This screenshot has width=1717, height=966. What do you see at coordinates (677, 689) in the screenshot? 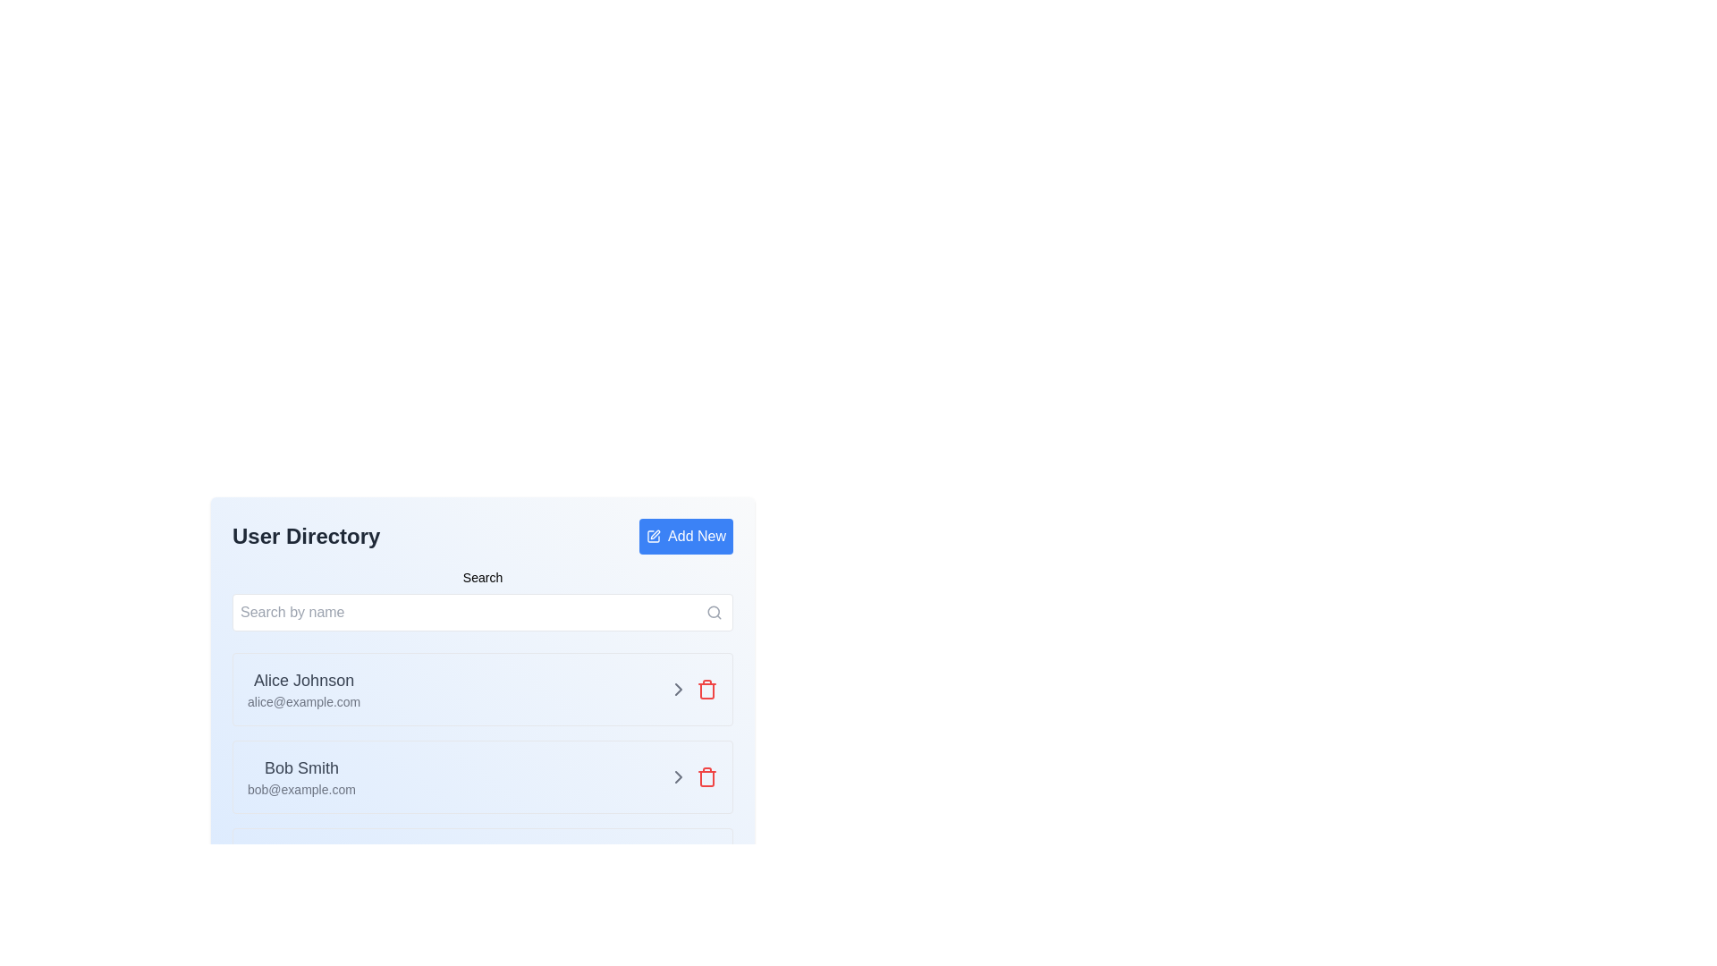
I see `the right-pointing chevron button, which is gray and changes to yellow on hover, located in the second row of the user directory listing, adjacent to the delete icon` at bounding box center [677, 689].